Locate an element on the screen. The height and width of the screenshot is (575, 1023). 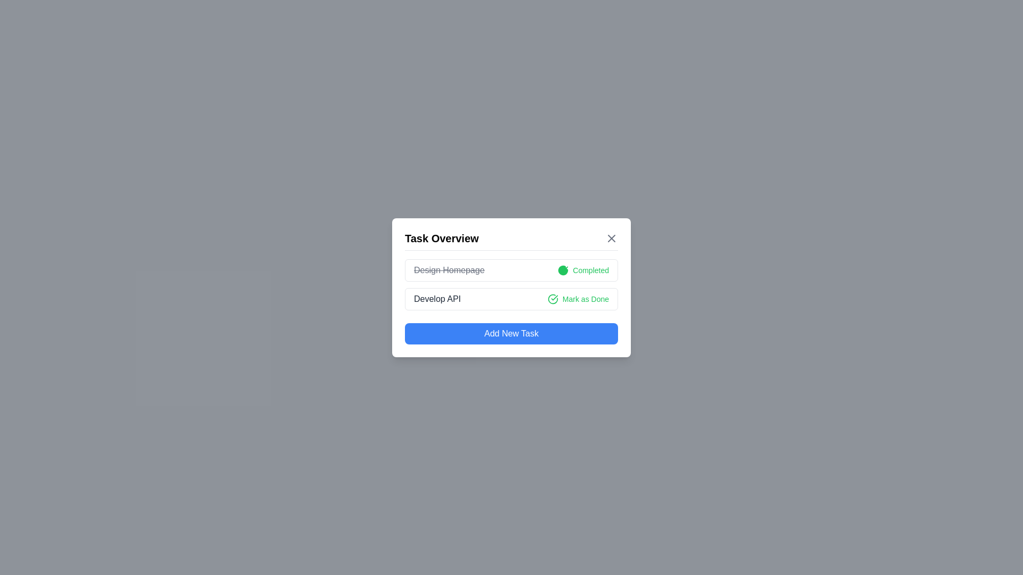
the green circular Status indicator icon with a checkmark located to the left of the text 'Completed' in the 'Task Overview' dialog is located at coordinates (563, 269).